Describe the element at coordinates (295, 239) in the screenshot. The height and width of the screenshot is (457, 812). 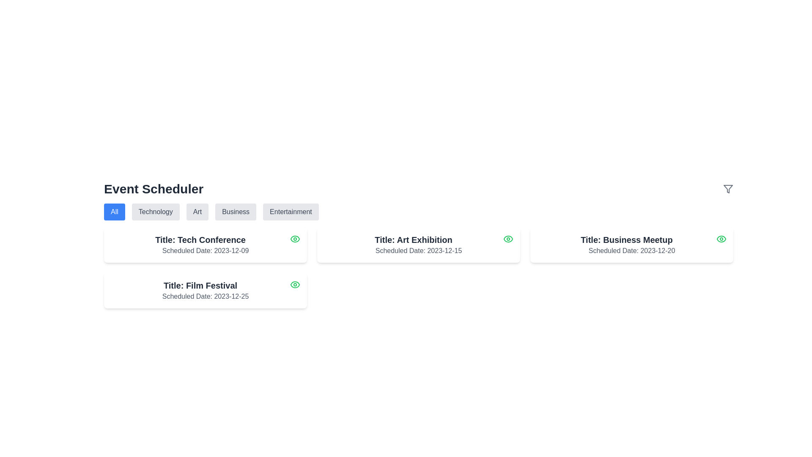
I see `the eye icon in the top-right corner of the 'Tech Conference' card` at that location.